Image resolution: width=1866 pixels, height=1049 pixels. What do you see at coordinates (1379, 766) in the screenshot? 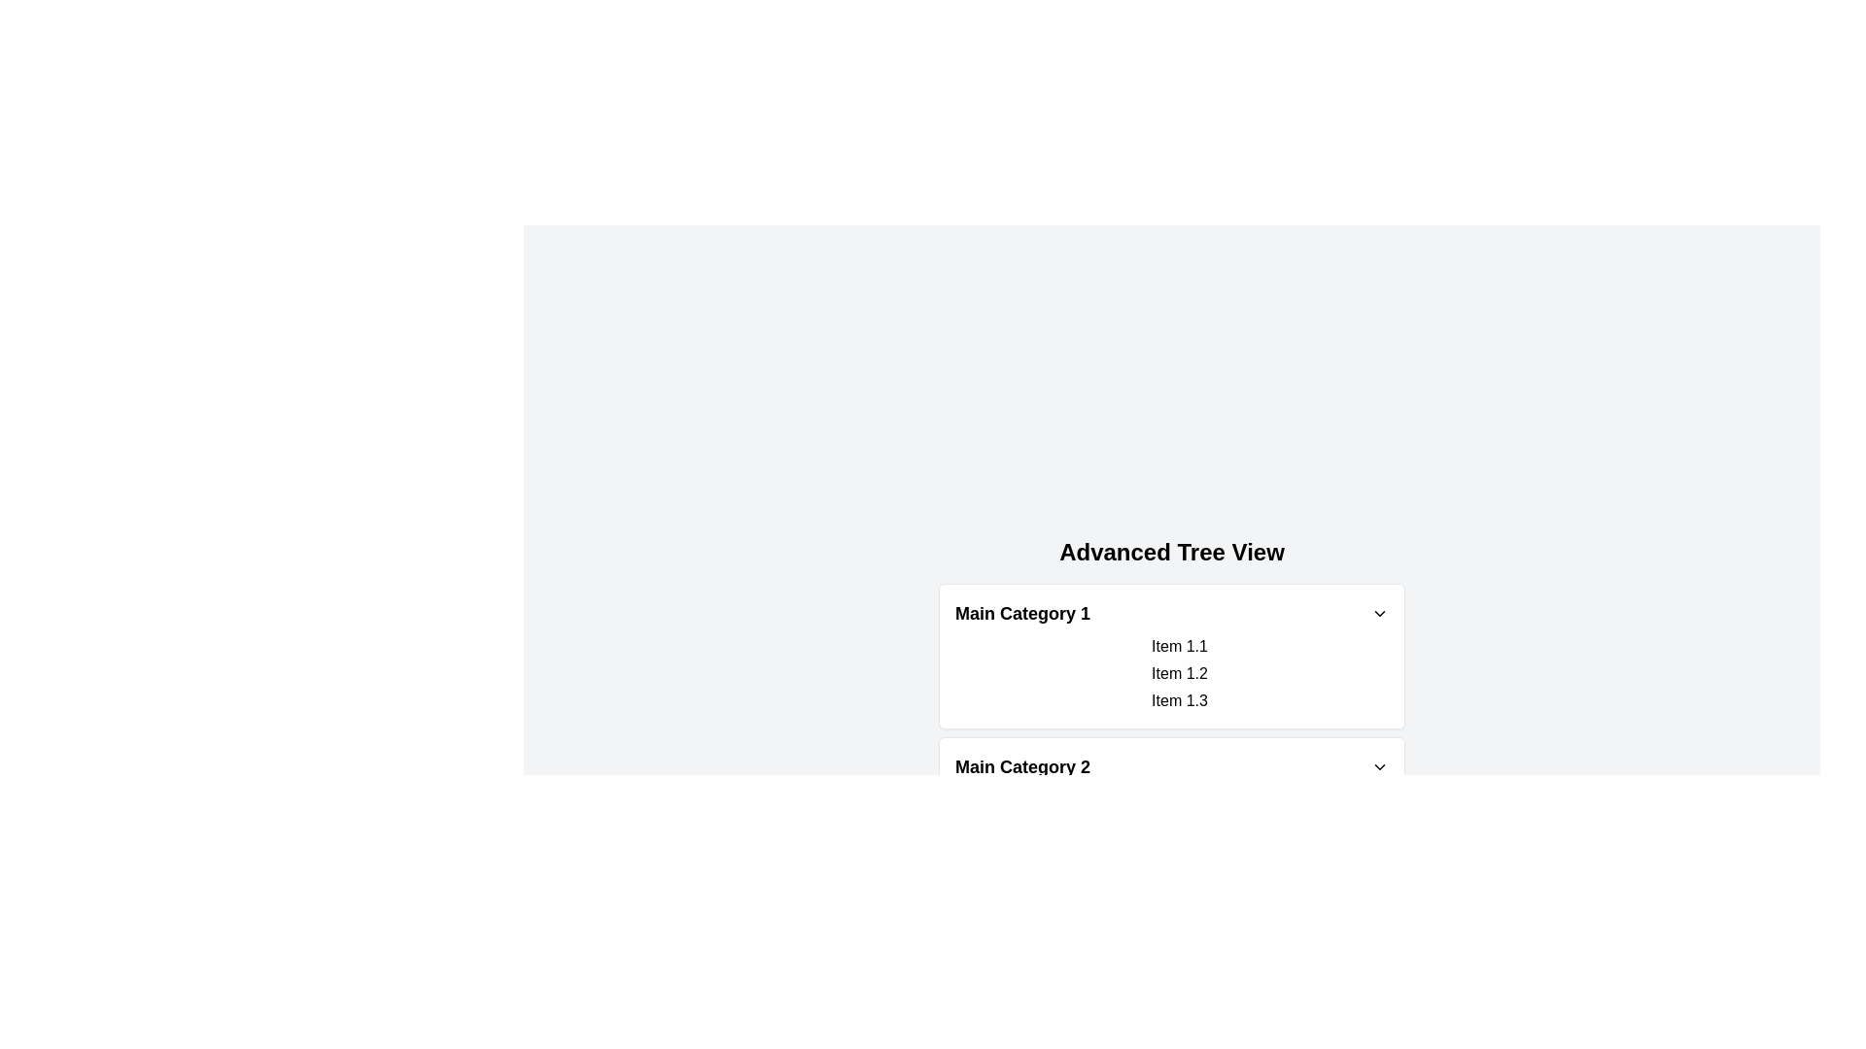
I see `the downward-pointing chevron icon associated with 'Main Category 2' for tooltip or visual feedback` at bounding box center [1379, 766].